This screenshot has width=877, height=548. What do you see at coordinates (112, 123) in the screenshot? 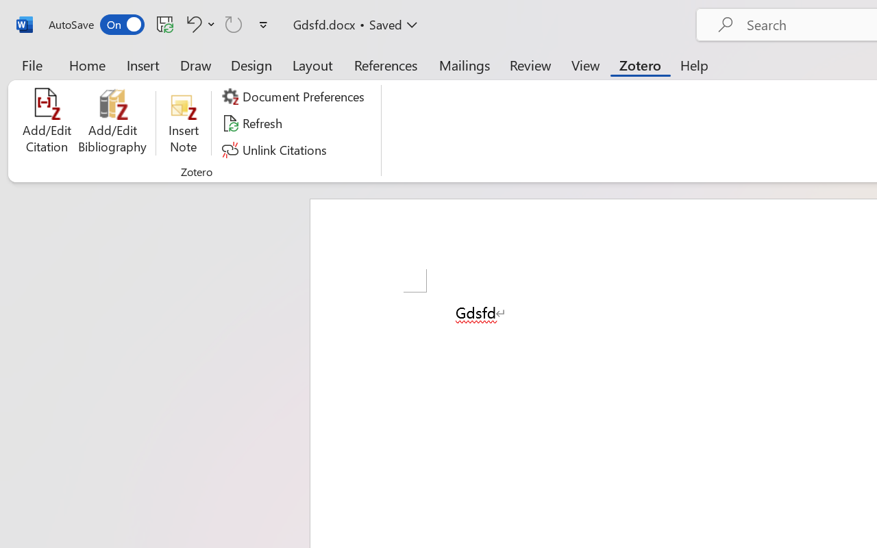
I see `'Add/Edit Bibliography'` at bounding box center [112, 123].